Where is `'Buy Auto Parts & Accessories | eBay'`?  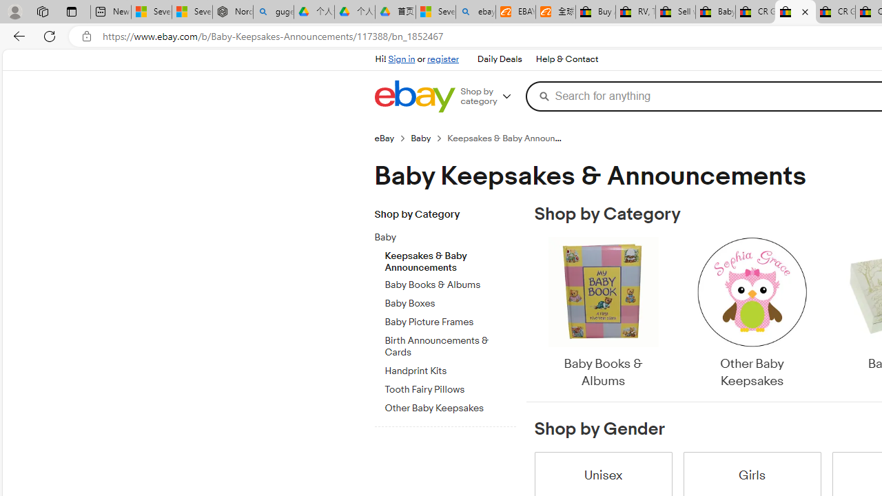
'Buy Auto Parts & Accessories | eBay' is located at coordinates (595, 12).